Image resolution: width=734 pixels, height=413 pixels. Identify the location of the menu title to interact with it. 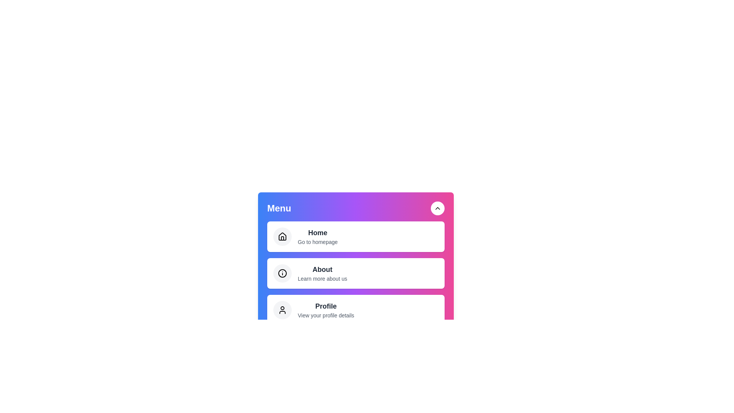
(278, 208).